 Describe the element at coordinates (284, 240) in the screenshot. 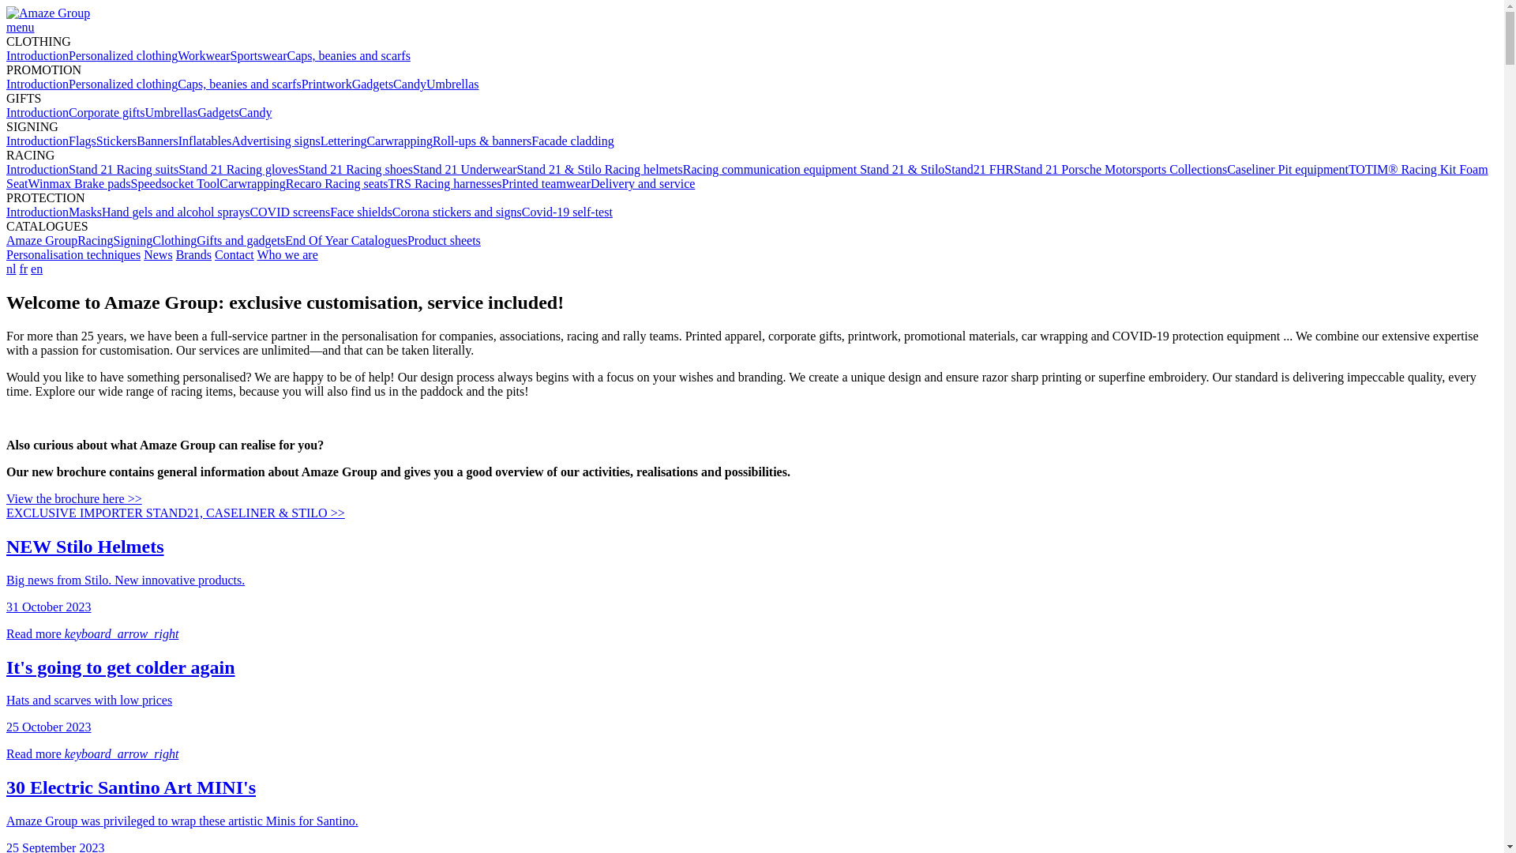

I see `'End Of Year Catalogues'` at that location.